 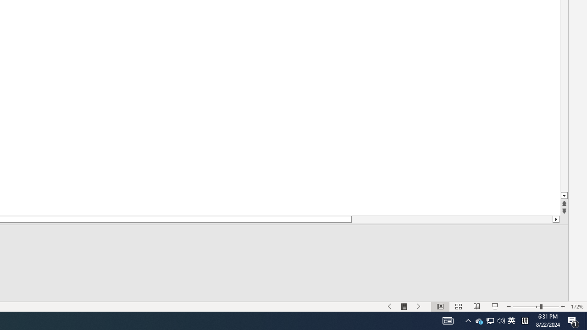 I want to click on 'Zoom 172%', so click(x=576, y=307).